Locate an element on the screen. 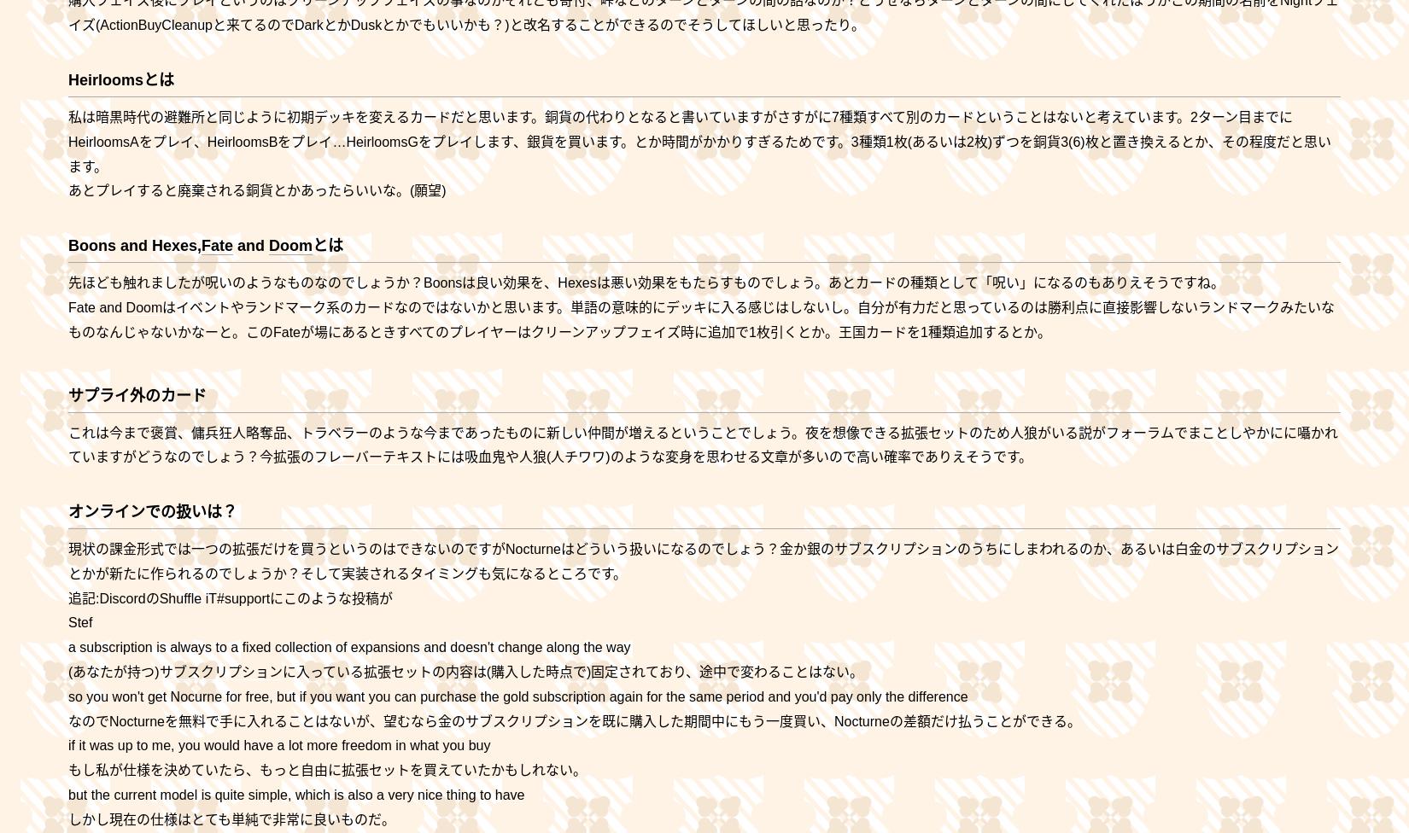  'が場にあるときすべてのプレイヤーはクリーンアップフェイズ時に追加で1枚引くとか。王国カードを1種類追加するとか。' is located at coordinates (675, 330).